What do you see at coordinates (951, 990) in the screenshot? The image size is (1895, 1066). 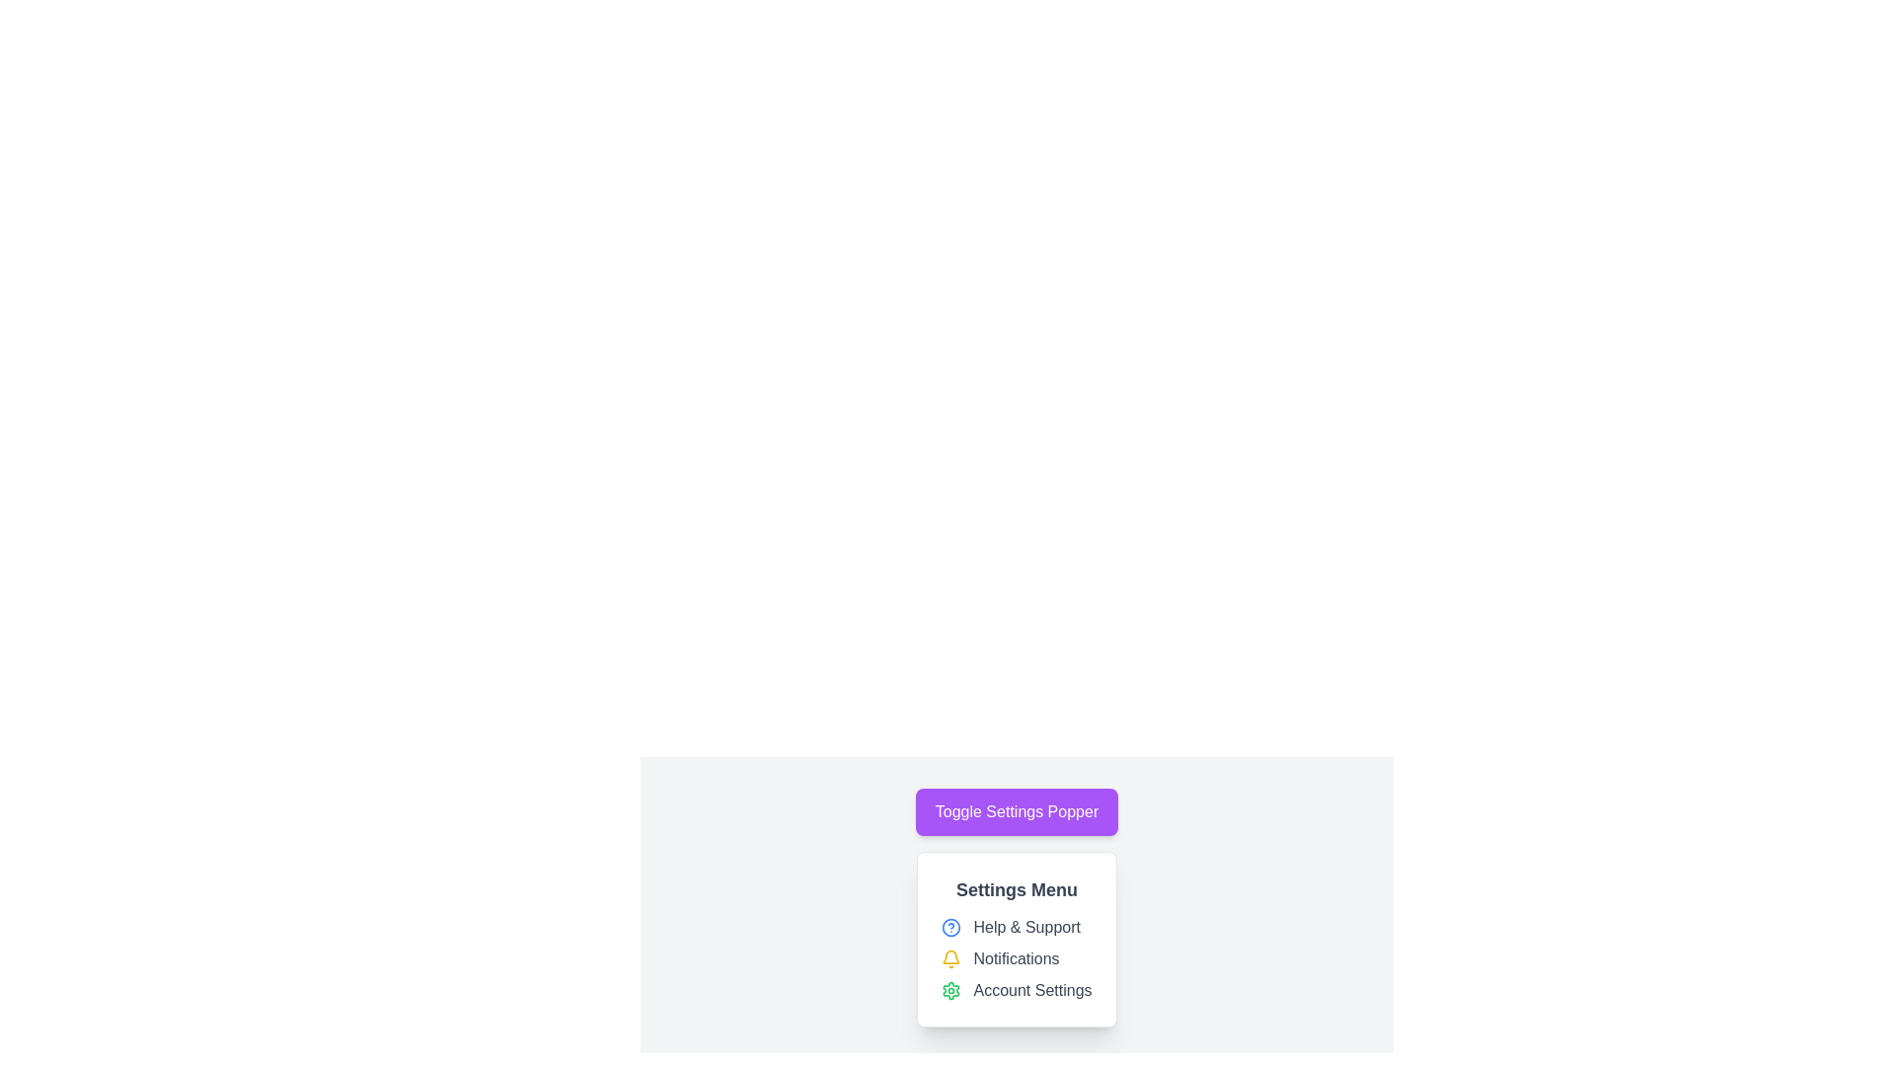 I see `the gear-shaped icon representing the settings option in the 'Settings Menu' popup interface` at bounding box center [951, 990].